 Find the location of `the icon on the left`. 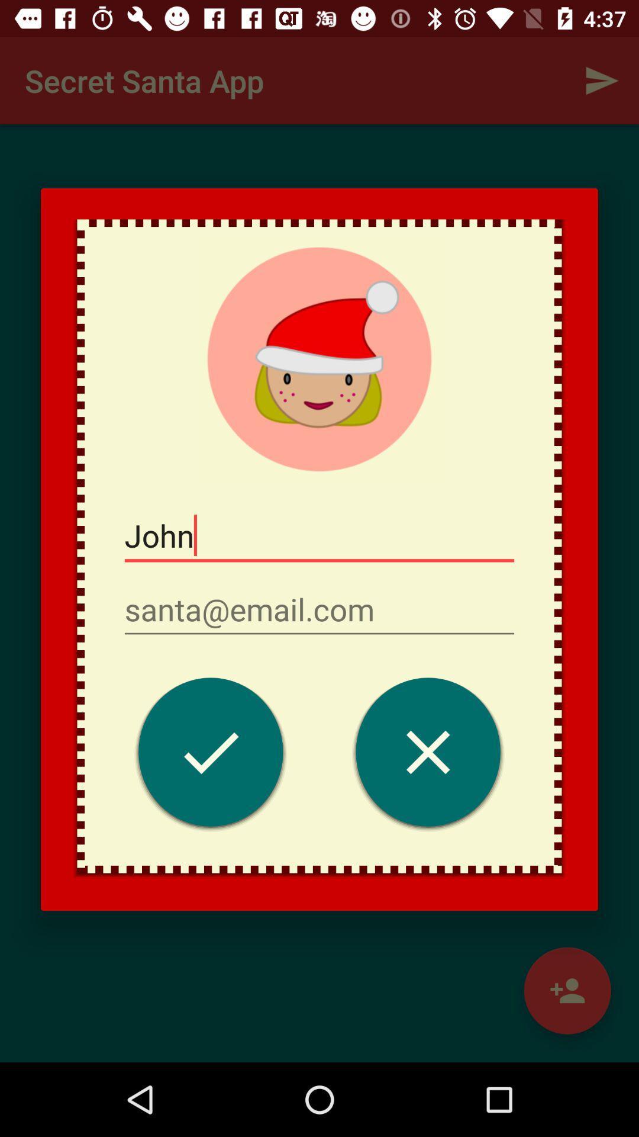

the icon on the left is located at coordinates (210, 754).